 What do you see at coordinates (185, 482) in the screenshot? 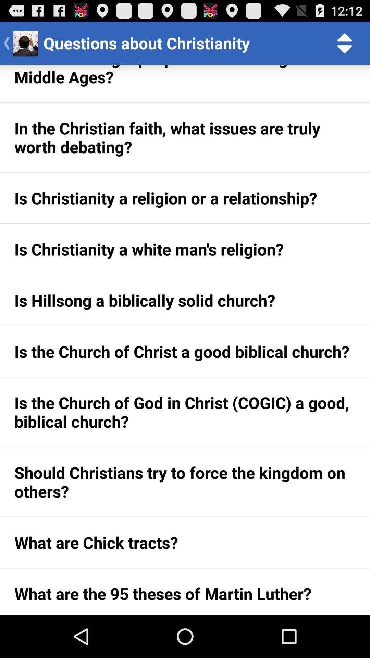
I see `should christians try app` at bounding box center [185, 482].